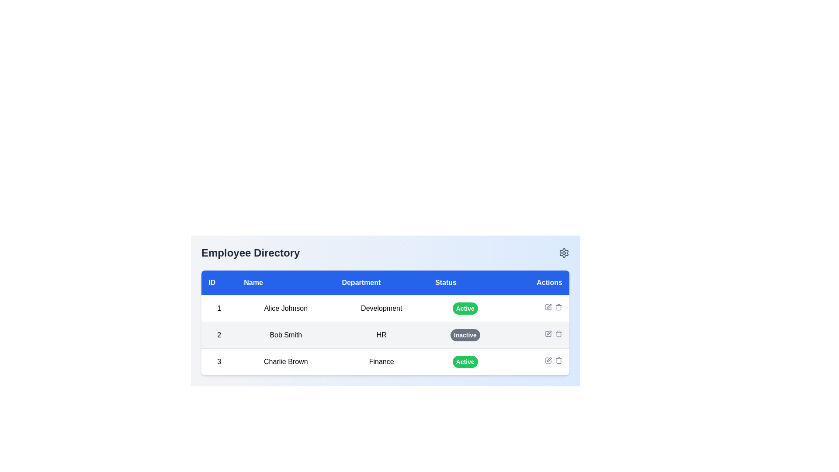 The width and height of the screenshot is (839, 472). What do you see at coordinates (465, 362) in the screenshot?
I see `the status indicated by the Status badge located in the 'Status' column of the third row in the 'Employee Directory' interface, next to the 'Finance' label in the 'Department' column` at bounding box center [465, 362].